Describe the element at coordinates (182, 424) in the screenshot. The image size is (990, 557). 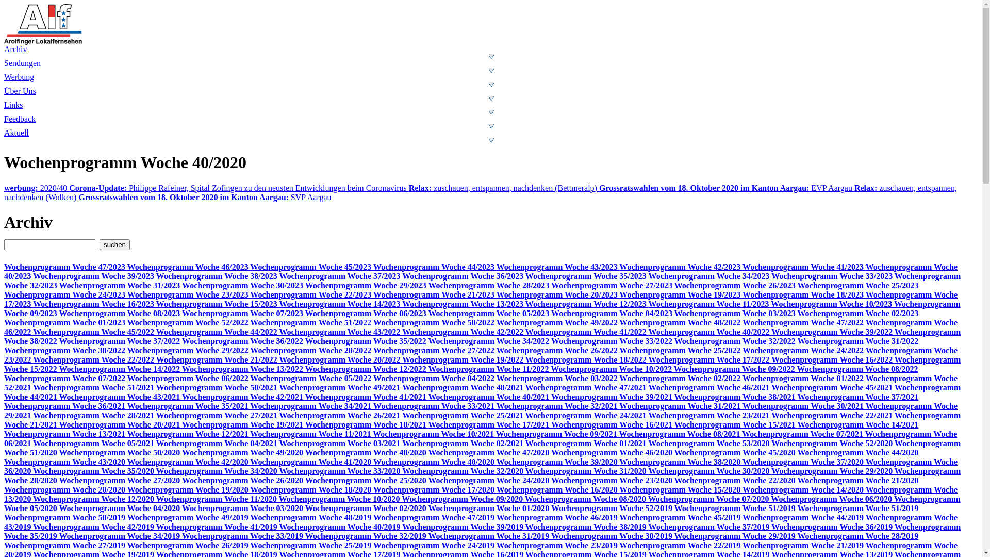
I see `'Wochenprogramm Woche 19/2021'` at that location.